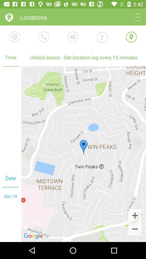 The height and width of the screenshot is (259, 146). I want to click on unlock bonus get, so click(84, 57).